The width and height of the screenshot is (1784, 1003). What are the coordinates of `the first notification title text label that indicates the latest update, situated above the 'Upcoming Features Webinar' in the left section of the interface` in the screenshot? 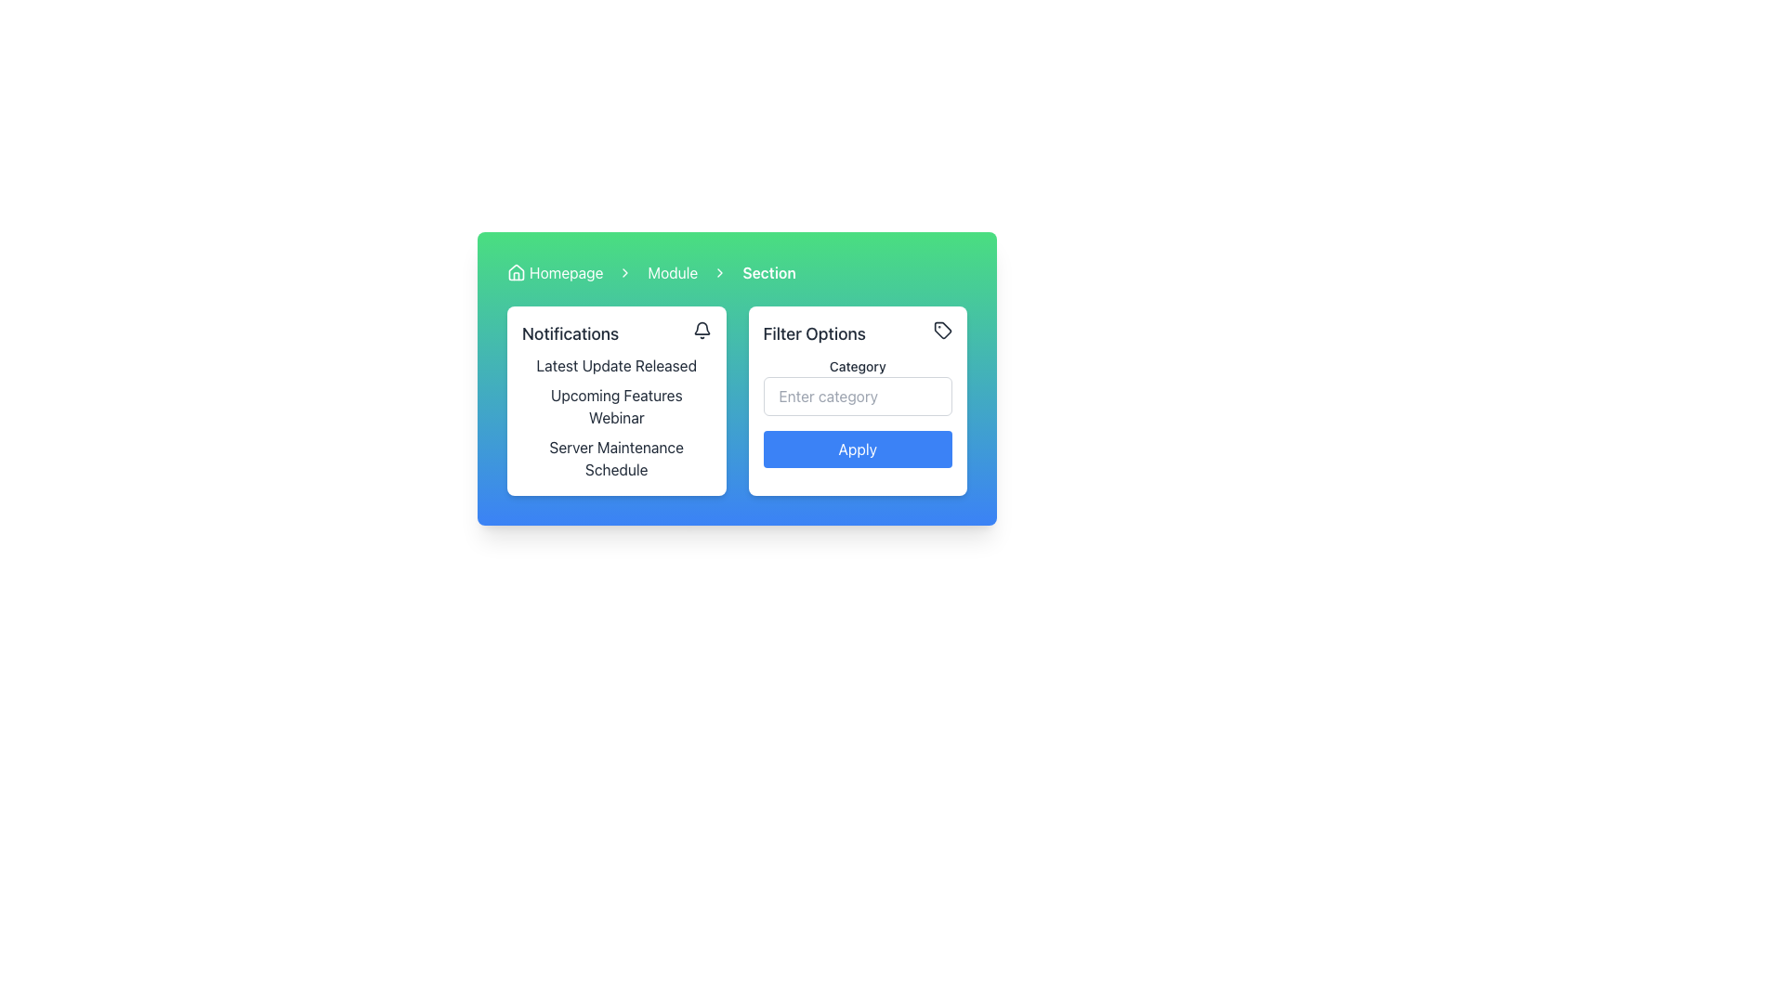 It's located at (616, 365).